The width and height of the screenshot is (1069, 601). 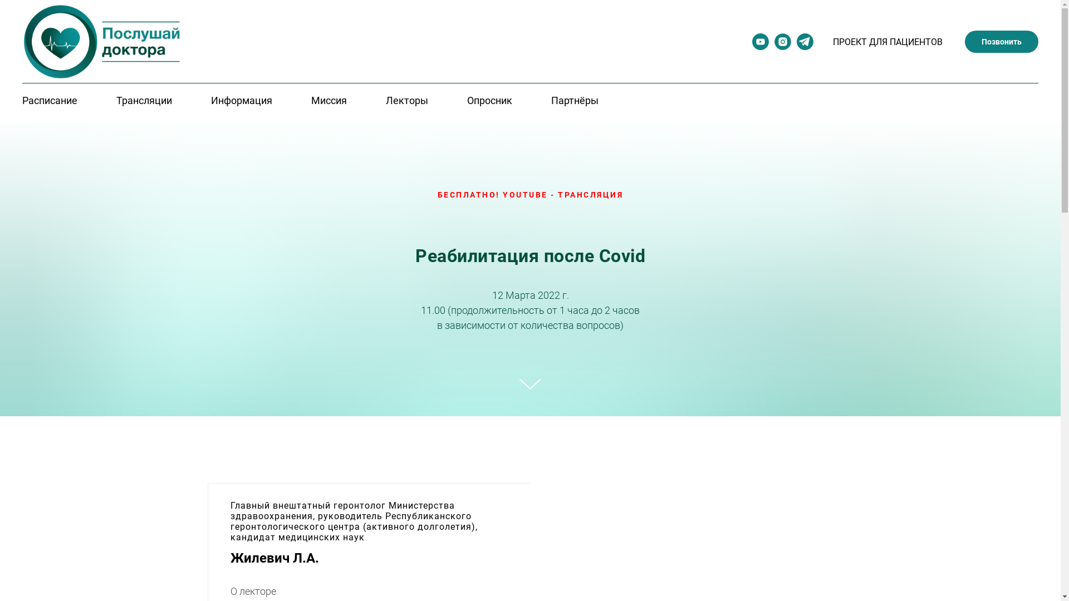 What do you see at coordinates (805, 46) in the screenshot?
I see `'Telegram'` at bounding box center [805, 46].